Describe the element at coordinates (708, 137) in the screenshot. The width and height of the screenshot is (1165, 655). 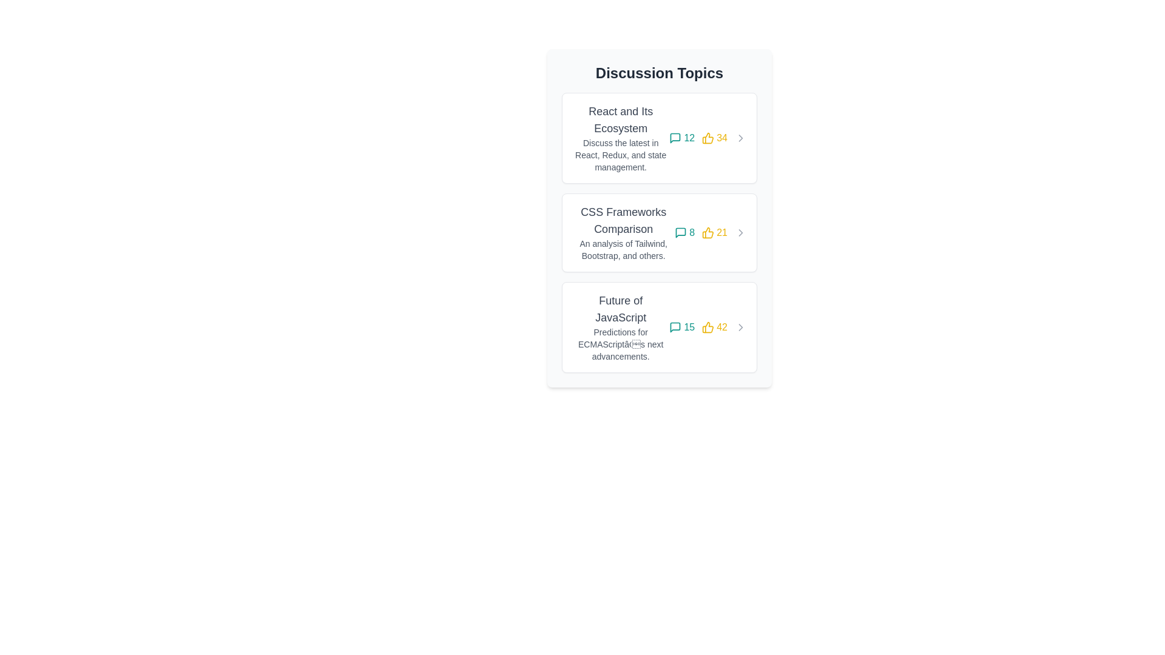
I see `the thumbs-up icon next to the number '34' in yellow, which is the third item in the statistics section of the React and Its Ecosystem topic card` at that location.